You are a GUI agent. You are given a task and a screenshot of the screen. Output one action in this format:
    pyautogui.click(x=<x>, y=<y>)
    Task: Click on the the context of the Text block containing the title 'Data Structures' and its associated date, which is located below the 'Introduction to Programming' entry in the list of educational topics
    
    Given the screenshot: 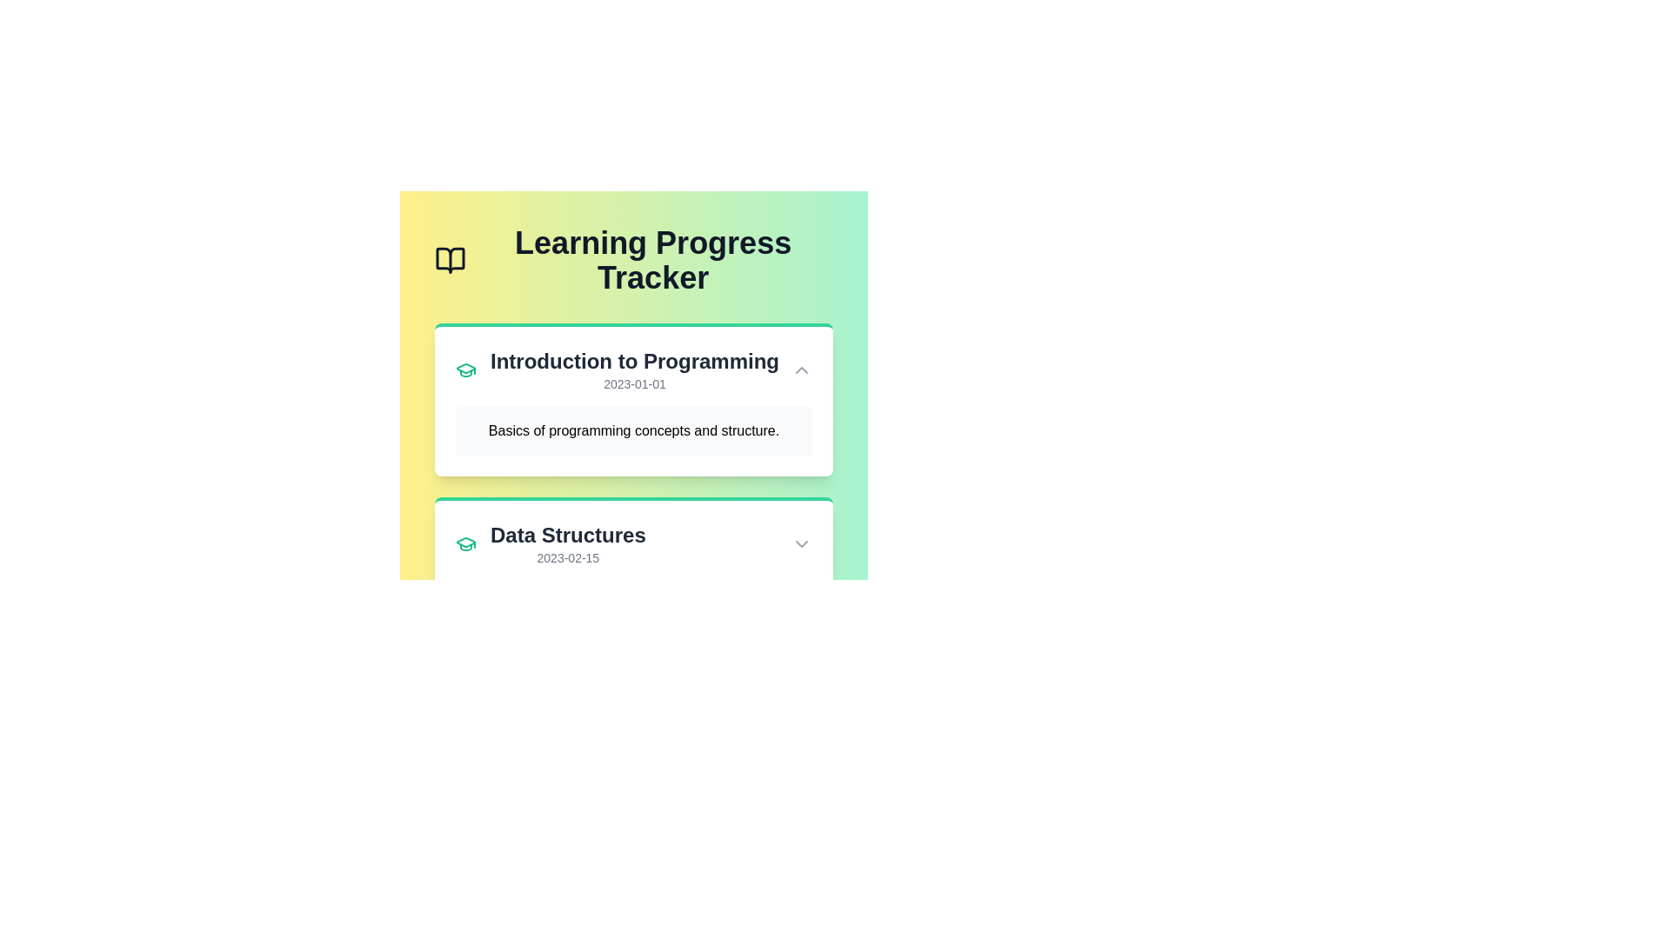 What is the action you would take?
    pyautogui.click(x=568, y=543)
    